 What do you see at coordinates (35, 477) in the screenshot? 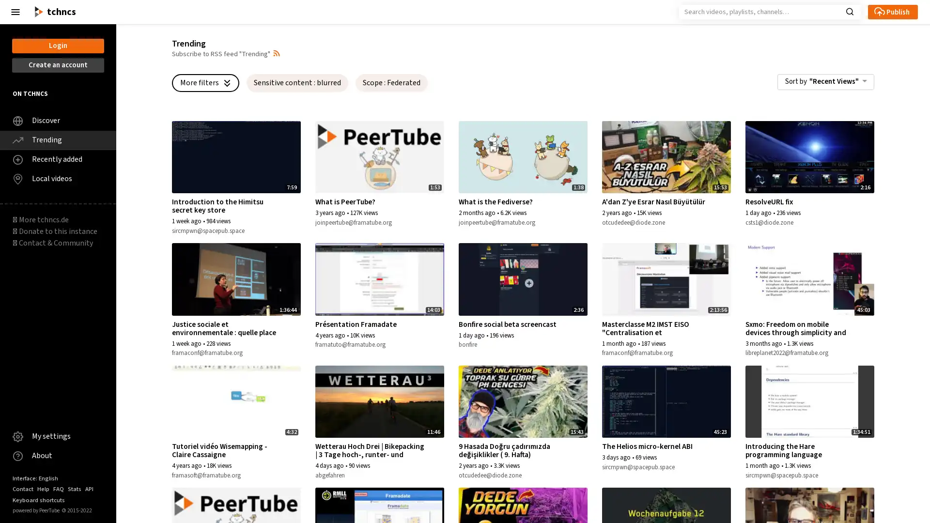
I see `Interface: English` at bounding box center [35, 477].